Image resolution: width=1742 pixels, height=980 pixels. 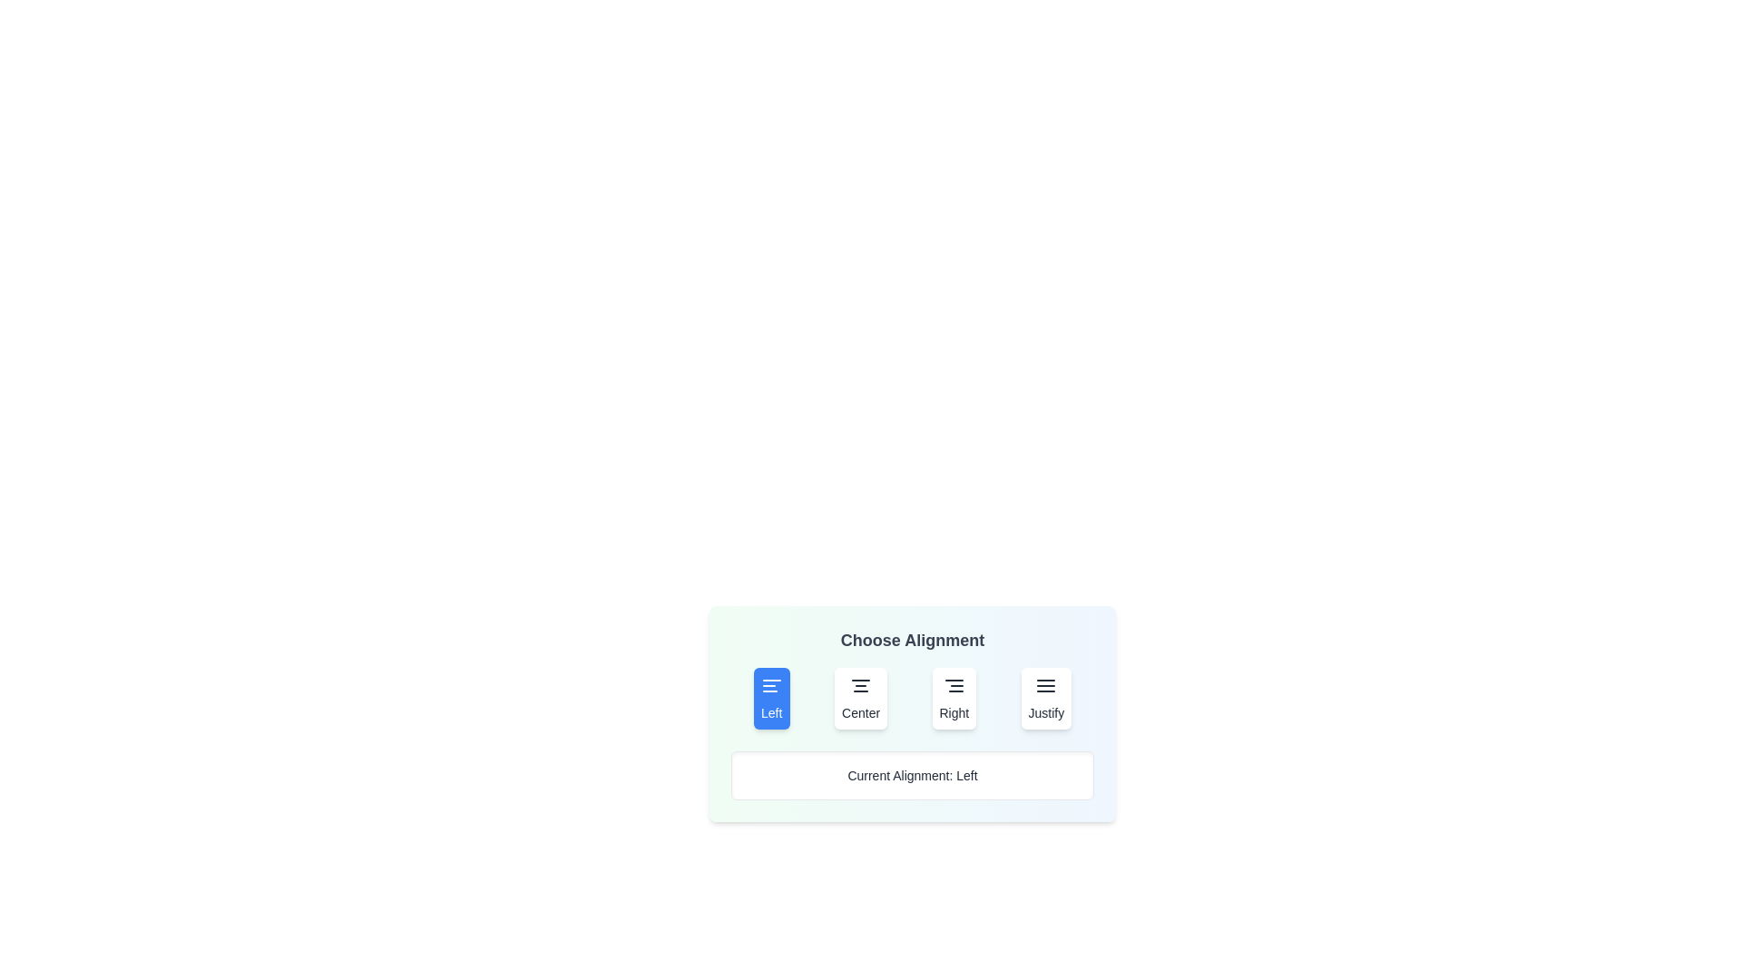 I want to click on the button labeled Right to observe its hover effect, so click(x=953, y=698).